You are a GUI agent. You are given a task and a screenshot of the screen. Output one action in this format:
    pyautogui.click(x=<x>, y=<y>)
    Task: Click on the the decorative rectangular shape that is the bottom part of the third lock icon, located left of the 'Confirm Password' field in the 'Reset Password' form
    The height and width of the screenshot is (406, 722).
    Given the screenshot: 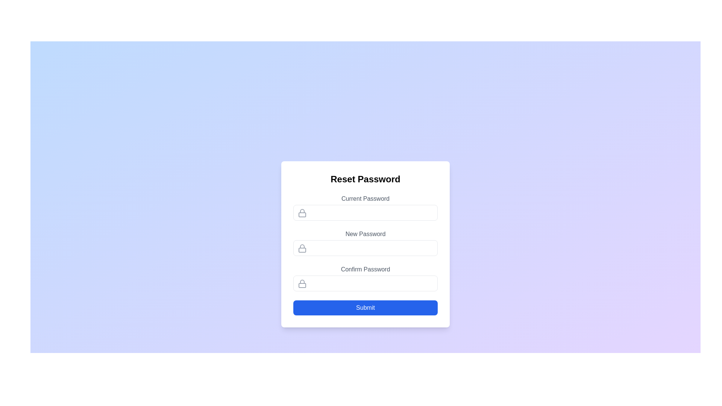 What is the action you would take?
    pyautogui.click(x=302, y=285)
    